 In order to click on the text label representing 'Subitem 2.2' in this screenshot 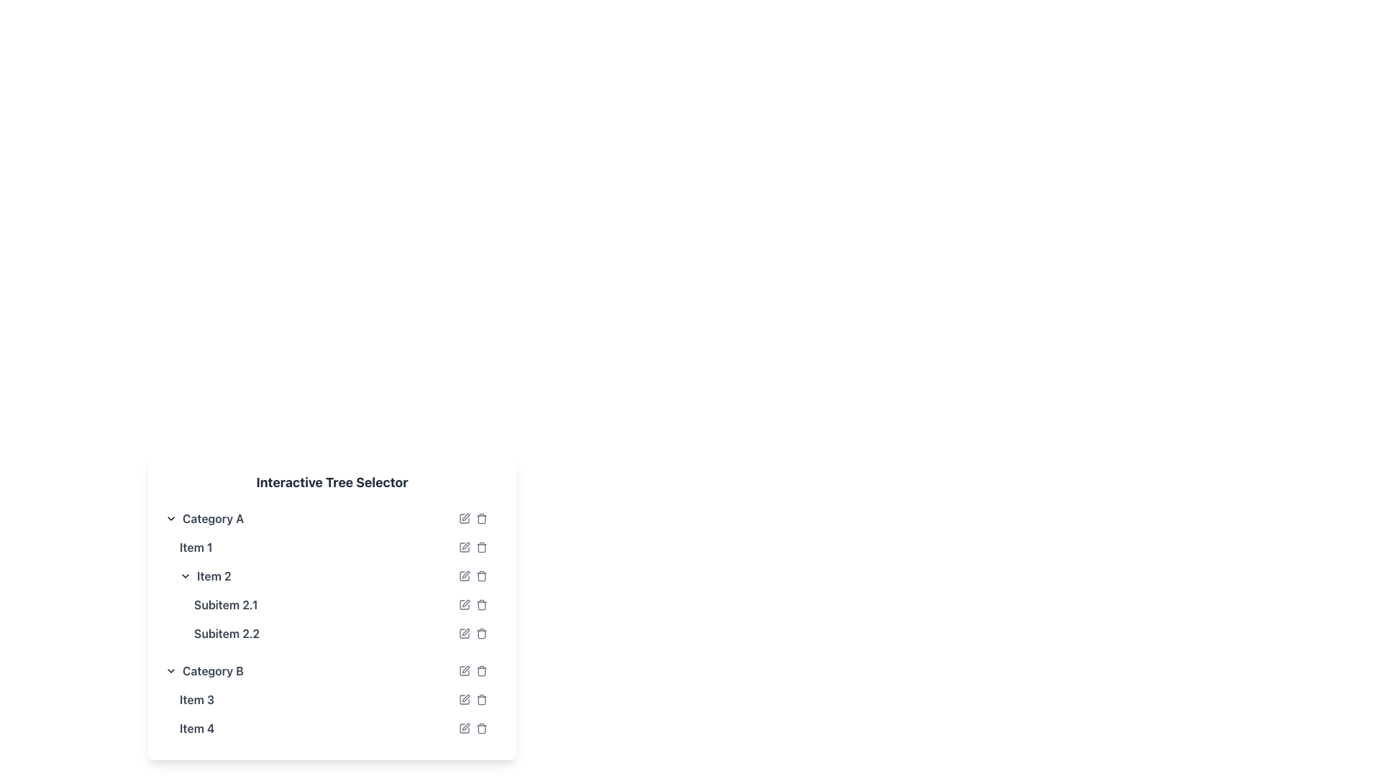, I will do `click(226, 633)`.